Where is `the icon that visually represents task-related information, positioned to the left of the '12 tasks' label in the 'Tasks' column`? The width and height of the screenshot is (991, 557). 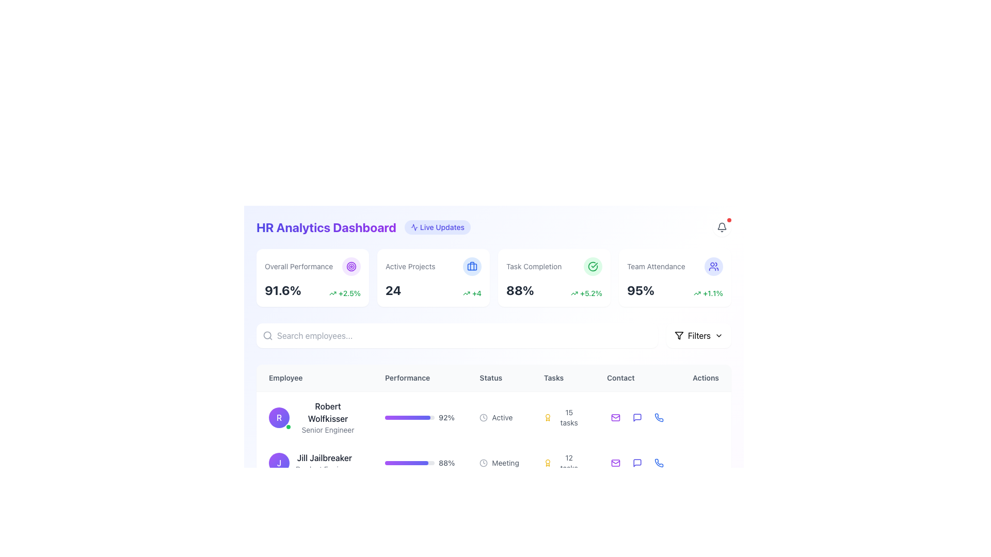 the icon that visually represents task-related information, positioned to the left of the '12 tasks' label in the 'Tasks' column is located at coordinates (547, 463).